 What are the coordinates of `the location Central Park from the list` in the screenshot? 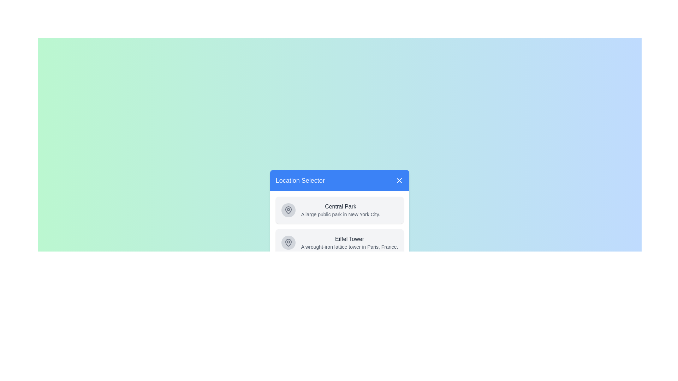 It's located at (339, 210).